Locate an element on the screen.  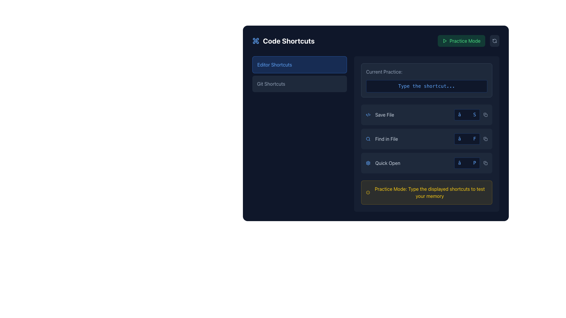
the Keyboard Shortcut Label that displays the symbol (⌘) and the letter (P) in a monospace font on a dark background, part of the third item in the vertical list under 'Quick Open' is located at coordinates (470, 163).